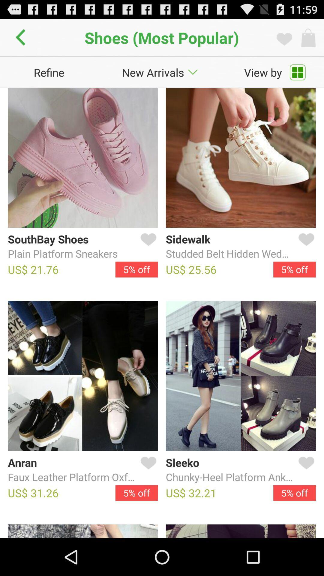 This screenshot has height=576, width=324. Describe the element at coordinates (22, 37) in the screenshot. I see `icon to the left of shoes (most popular) app` at that location.